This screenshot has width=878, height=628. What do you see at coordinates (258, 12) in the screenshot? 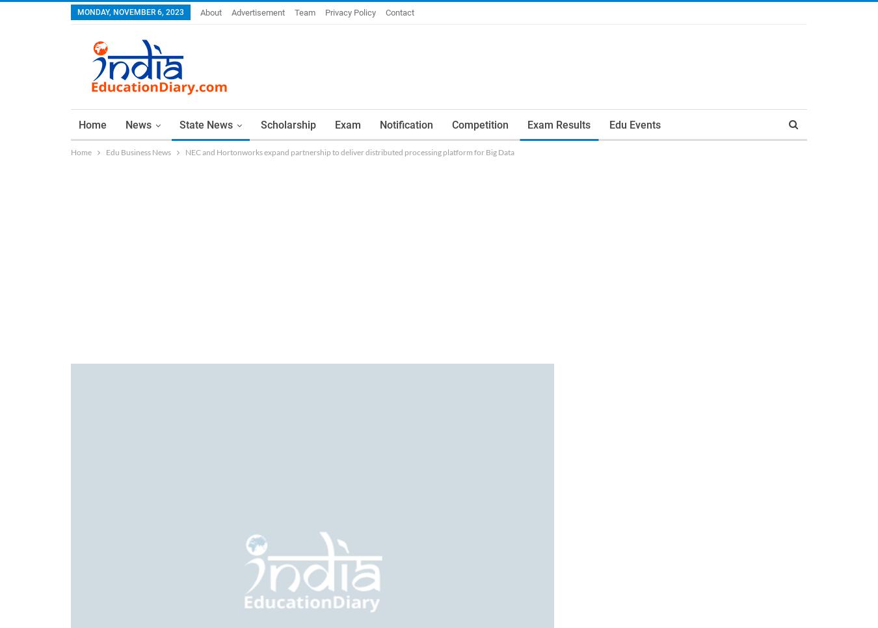
I see `'Advertisement'` at bounding box center [258, 12].